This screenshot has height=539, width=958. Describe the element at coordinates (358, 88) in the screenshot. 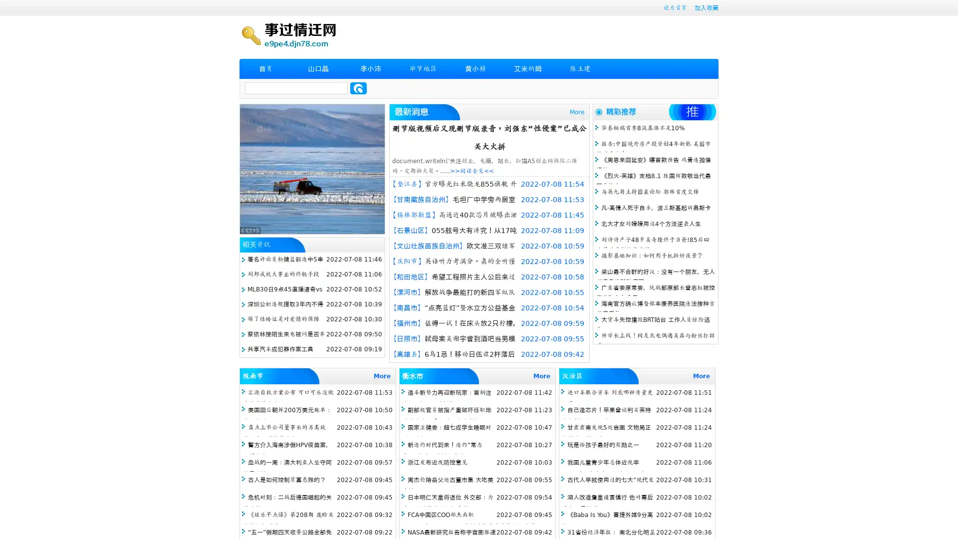

I see `Search` at that location.